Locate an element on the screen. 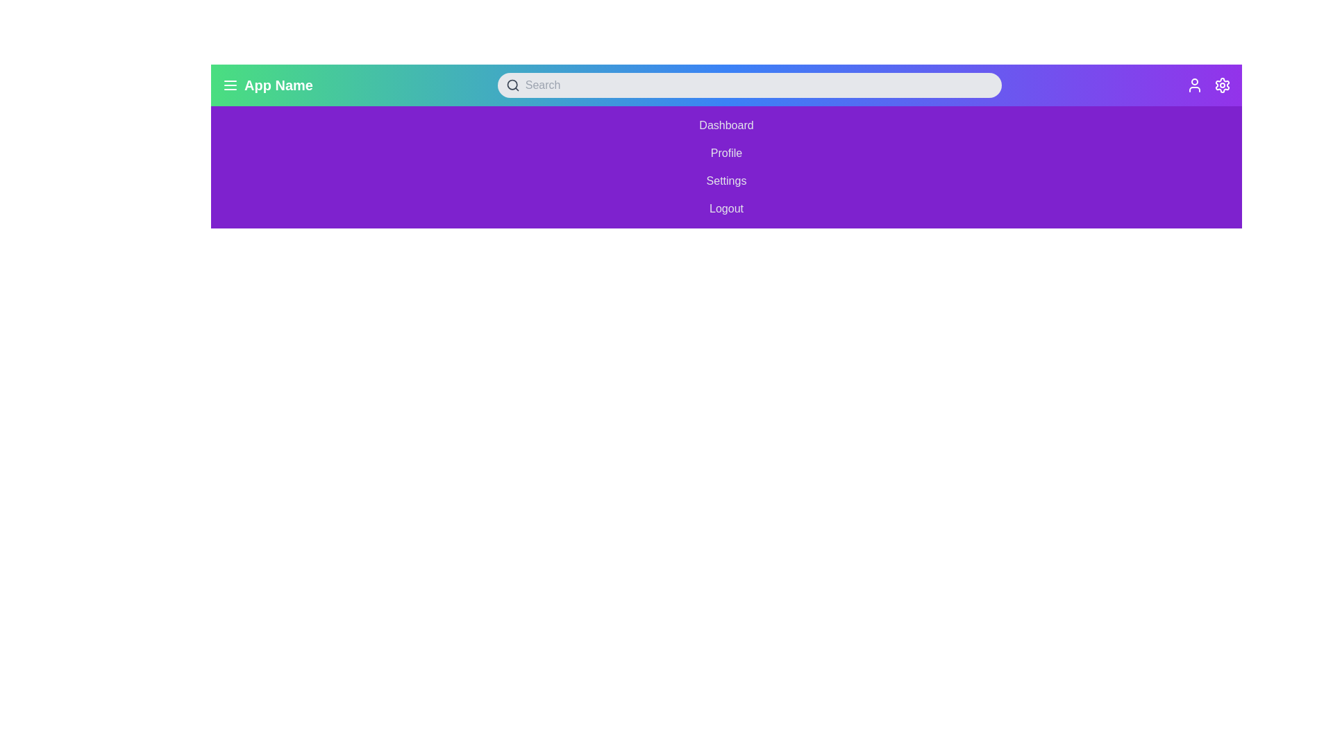 This screenshot has height=750, width=1333. the search icon (magnifying glass) located inside the search bar to focus the input field adjacent to it is located at coordinates (512, 85).